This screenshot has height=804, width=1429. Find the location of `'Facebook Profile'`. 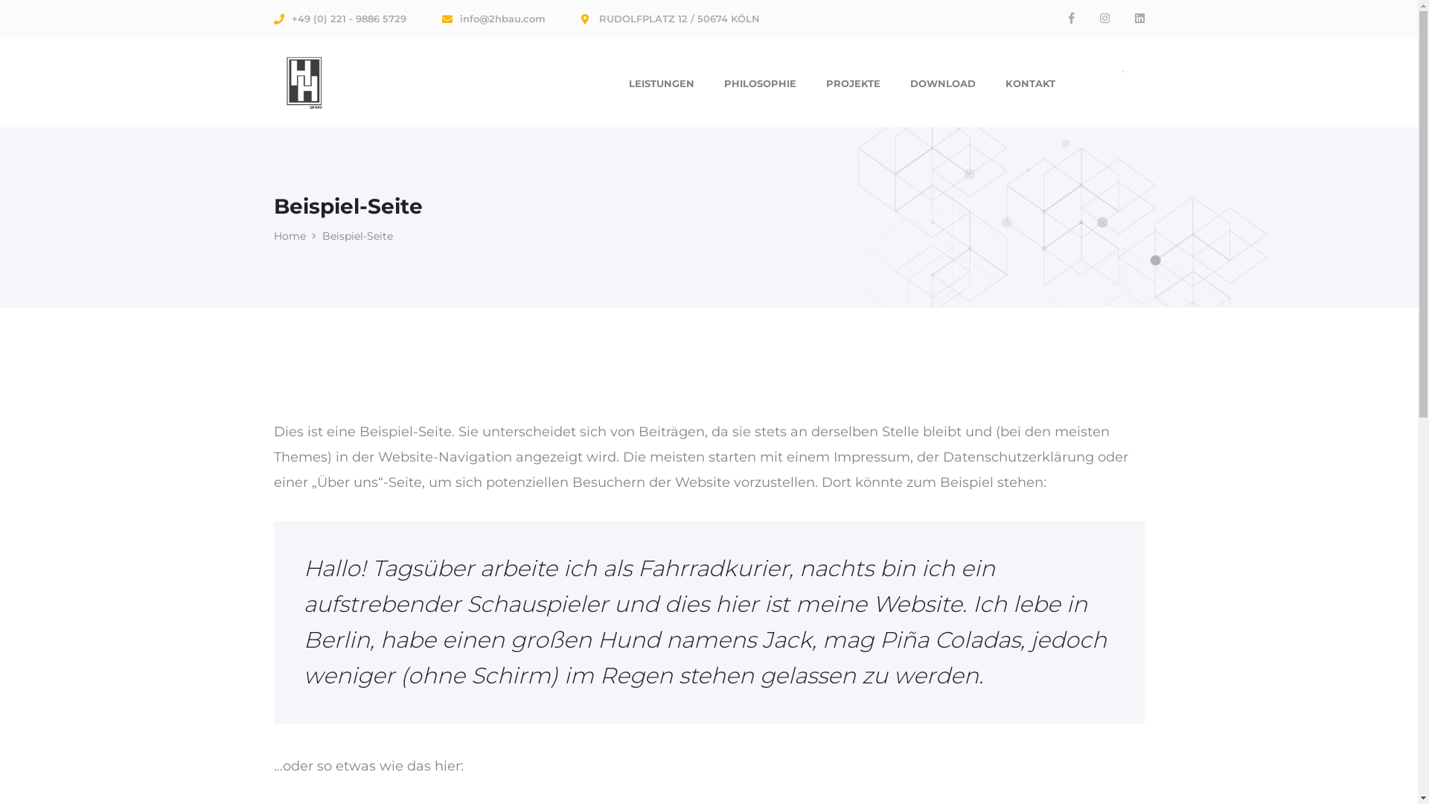

'Facebook Profile' is located at coordinates (1070, 18).